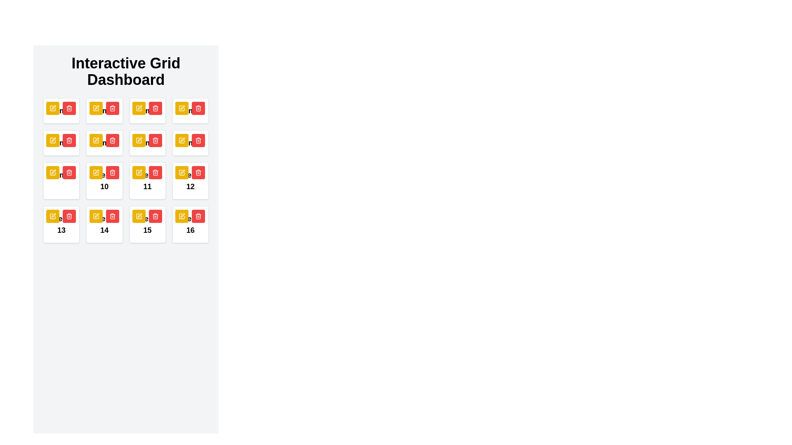 This screenshot has height=445, width=792. I want to click on the yellow button on the tenth card in the grid layout, so click(104, 180).